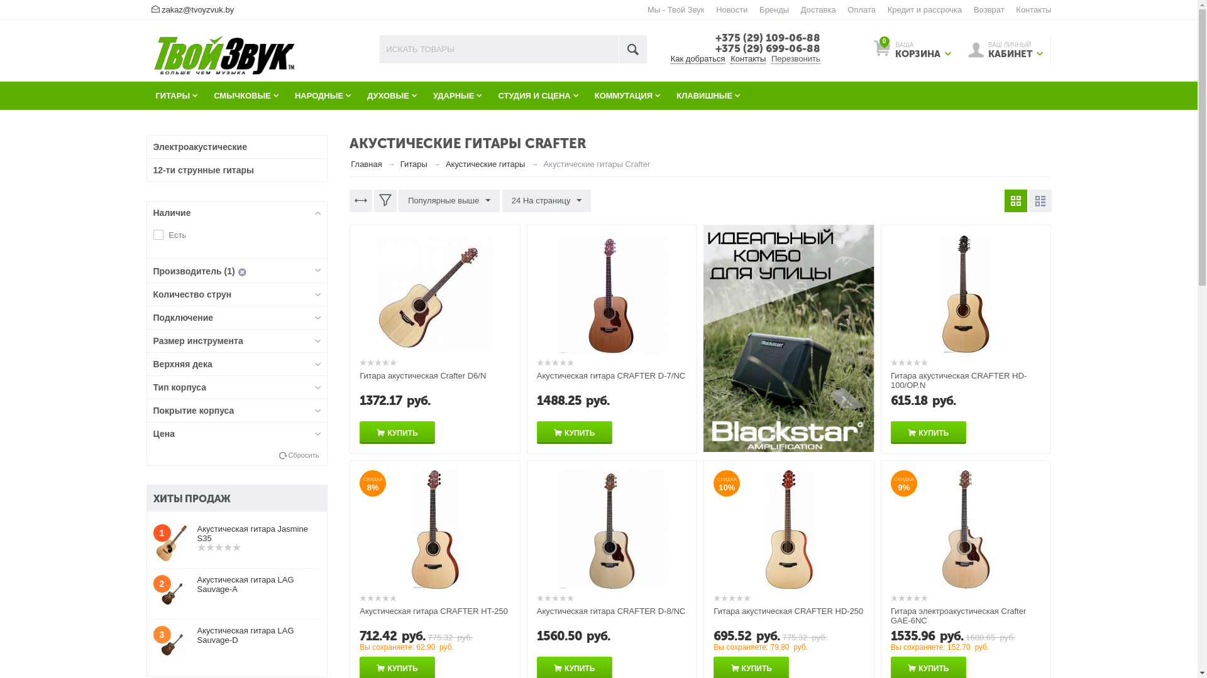 The image size is (1207, 678). What do you see at coordinates (767, 48) in the screenshot?
I see `'+375 (29) 699-06-88'` at bounding box center [767, 48].